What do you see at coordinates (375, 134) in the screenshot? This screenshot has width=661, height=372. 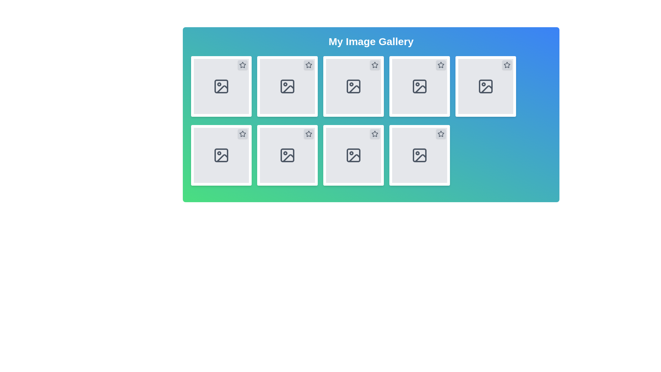 I see `the star-shaped button located in the top-right corner of the sixth image card` at bounding box center [375, 134].